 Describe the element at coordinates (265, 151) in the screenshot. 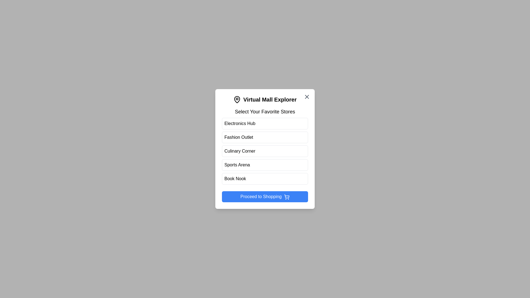

I see `the third selectable option in the vertical list within the modal window` at that location.